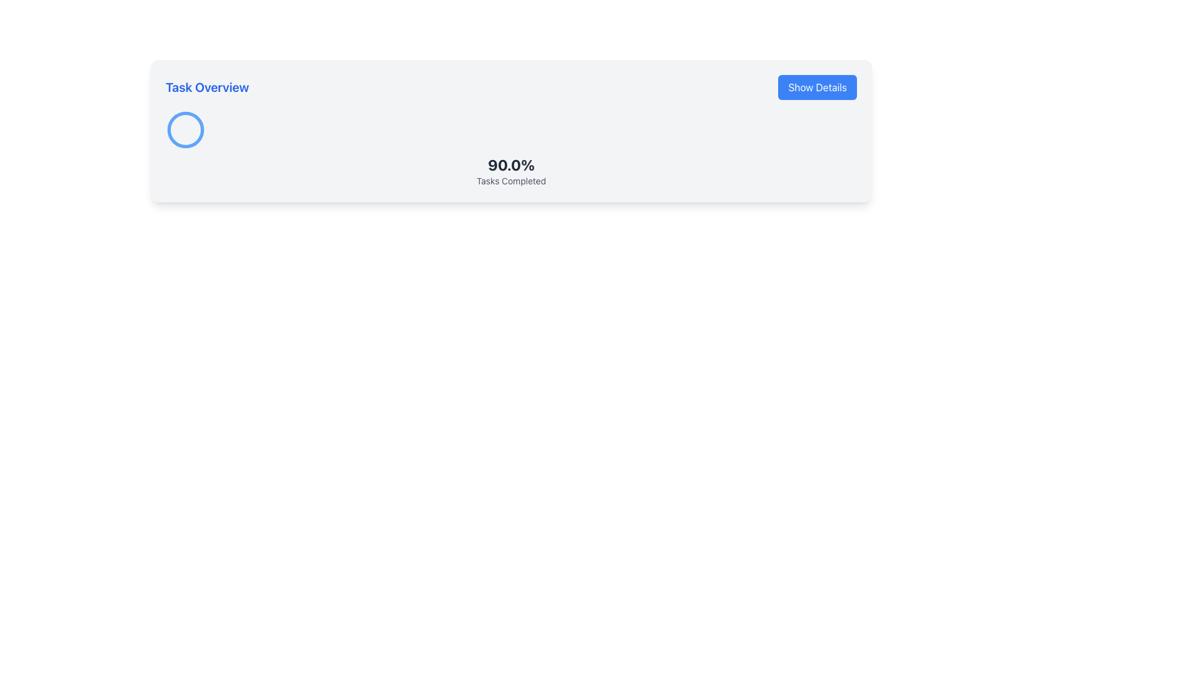 This screenshot has width=1201, height=675. What do you see at coordinates (511, 164) in the screenshot?
I see `the Text Display element that shows '90.0%' in bold, large, dark gray font, which is positioned between a blue circular icon and the 'Tasks Completed' text` at bounding box center [511, 164].